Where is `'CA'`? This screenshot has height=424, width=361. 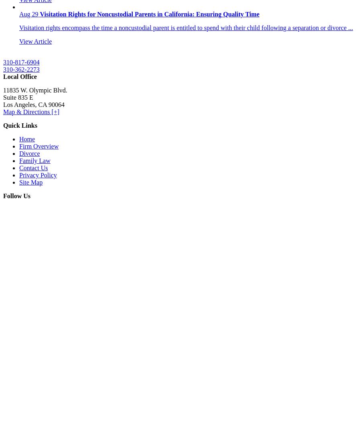 'CA' is located at coordinates (43, 104).